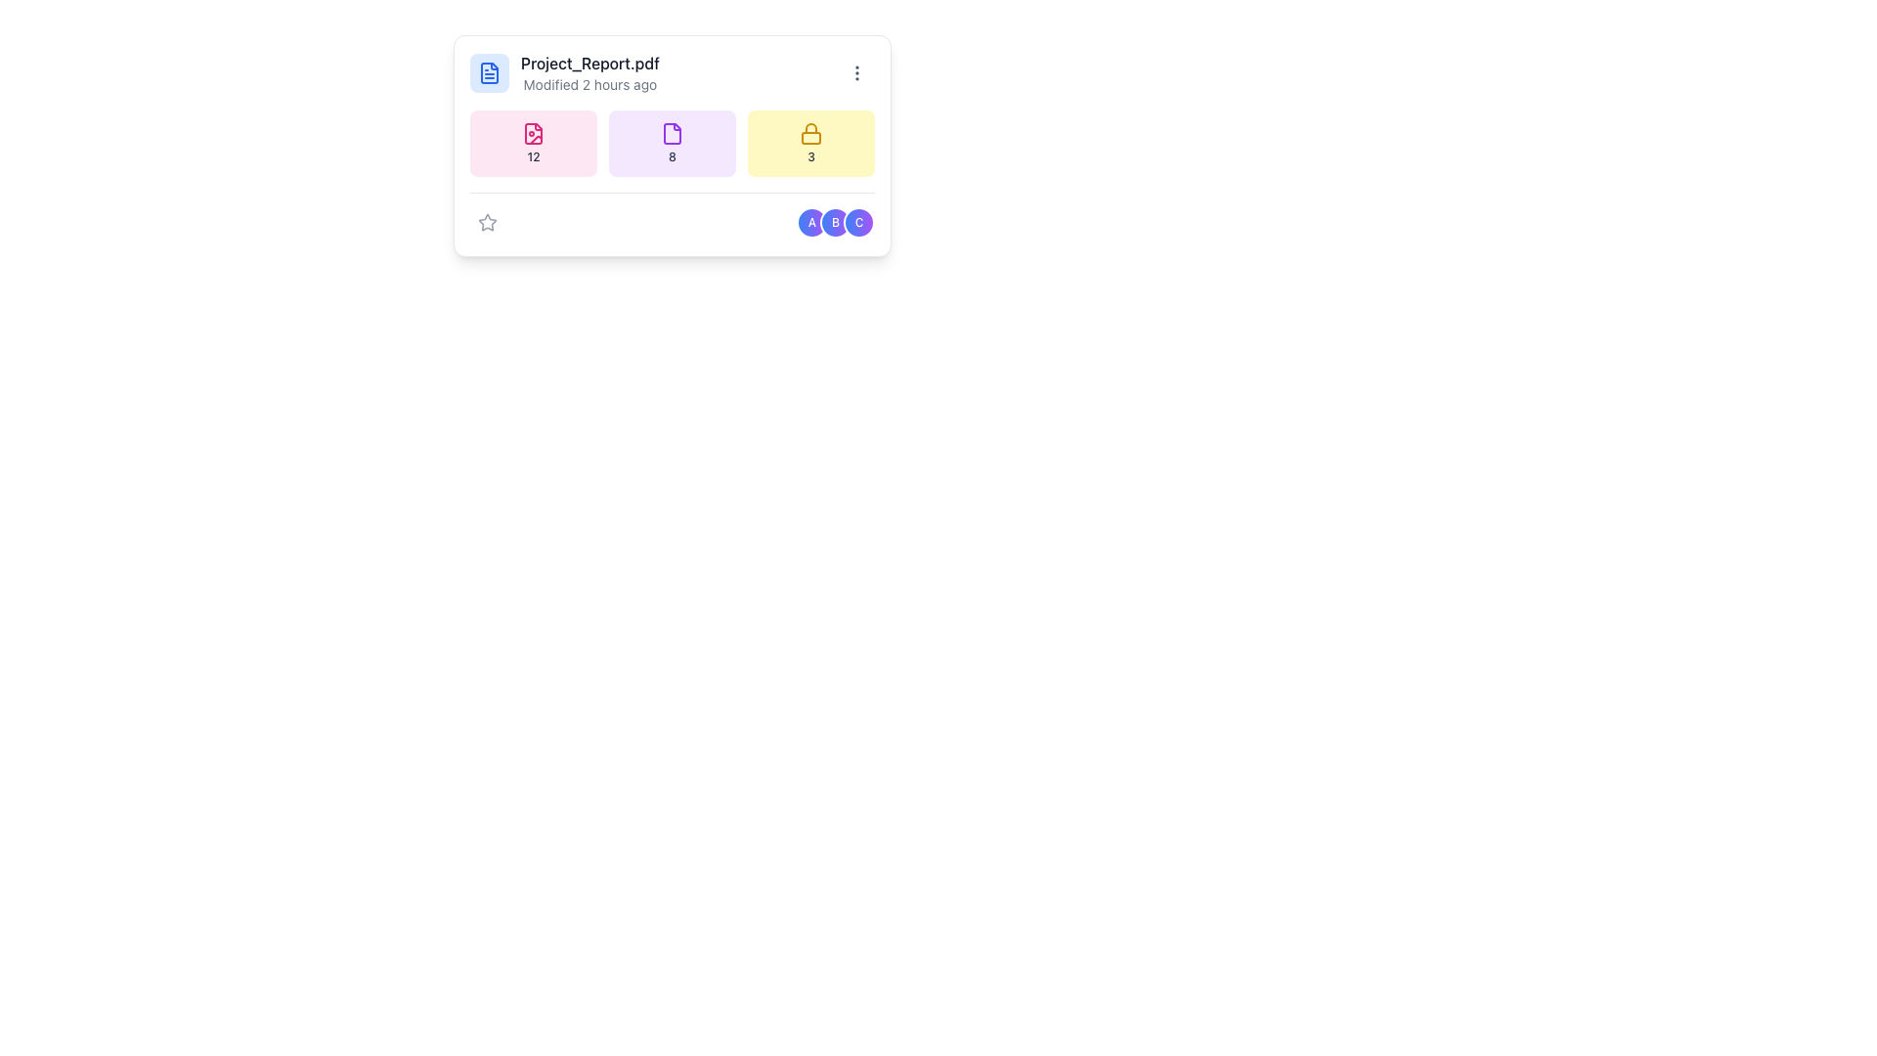  I want to click on the text display component that shows 'Project_Report.pdf' and 'Modified 2 hours ago' located at the top center of a card-like UI component, so click(589, 71).